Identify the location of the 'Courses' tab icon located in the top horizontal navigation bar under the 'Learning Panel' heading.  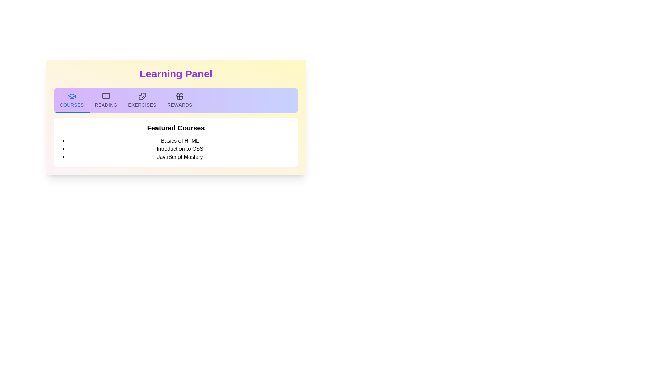
(71, 95).